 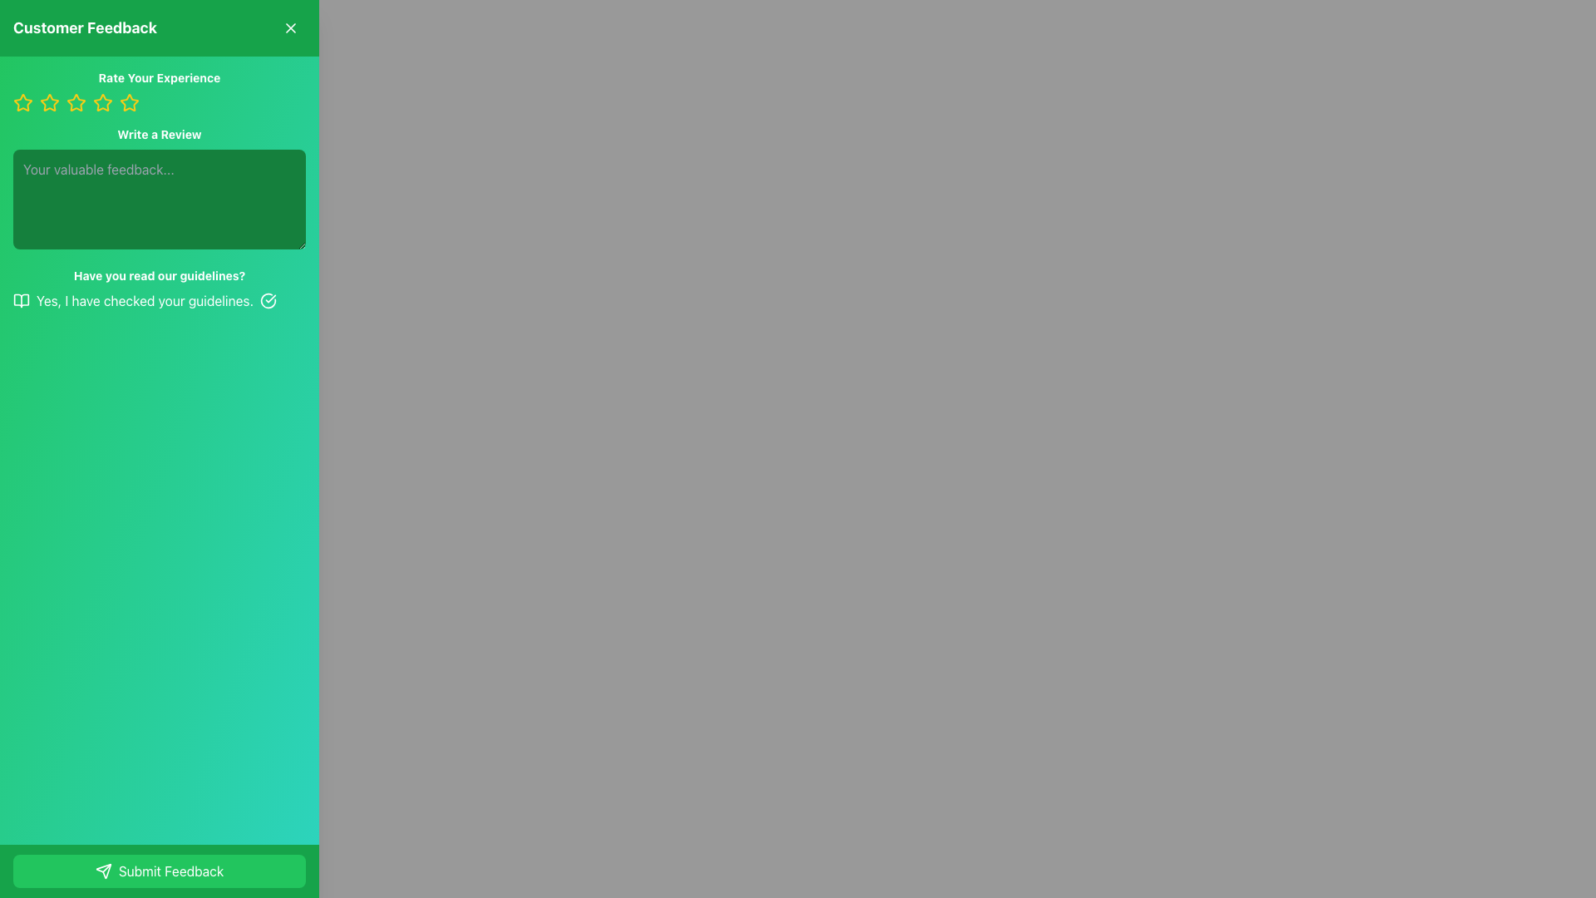 I want to click on the guiding Label for rating experience, which is positioned at the top of the feedback form, directly above the star icons, so click(x=160, y=77).